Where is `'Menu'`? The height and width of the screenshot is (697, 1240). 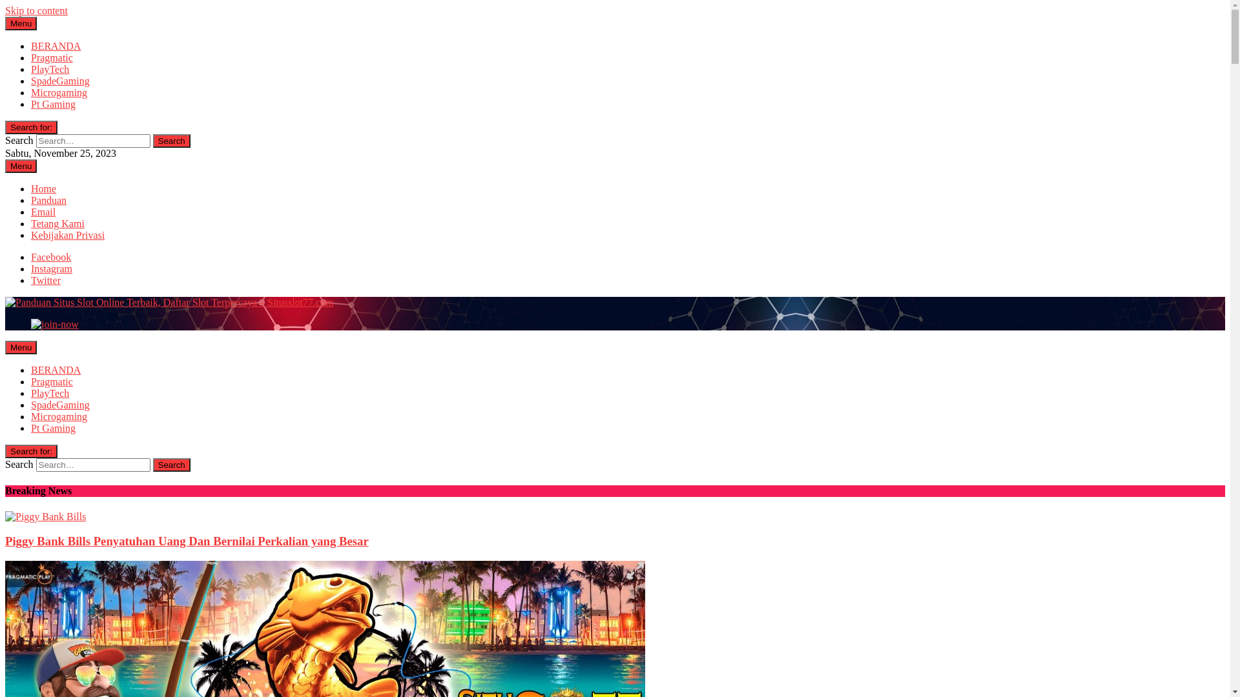 'Menu' is located at coordinates (21, 347).